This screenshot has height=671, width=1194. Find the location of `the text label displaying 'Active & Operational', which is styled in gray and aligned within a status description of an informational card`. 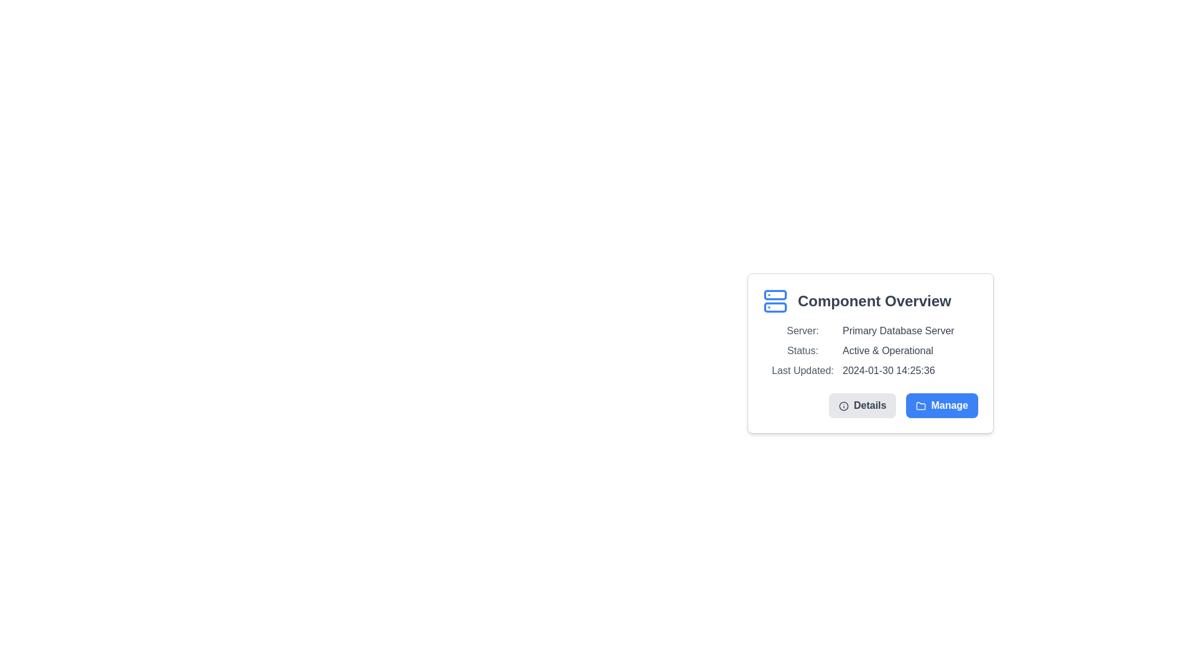

the text label displaying 'Active & Operational', which is styled in gray and aligned within a status description of an informational card is located at coordinates (887, 350).